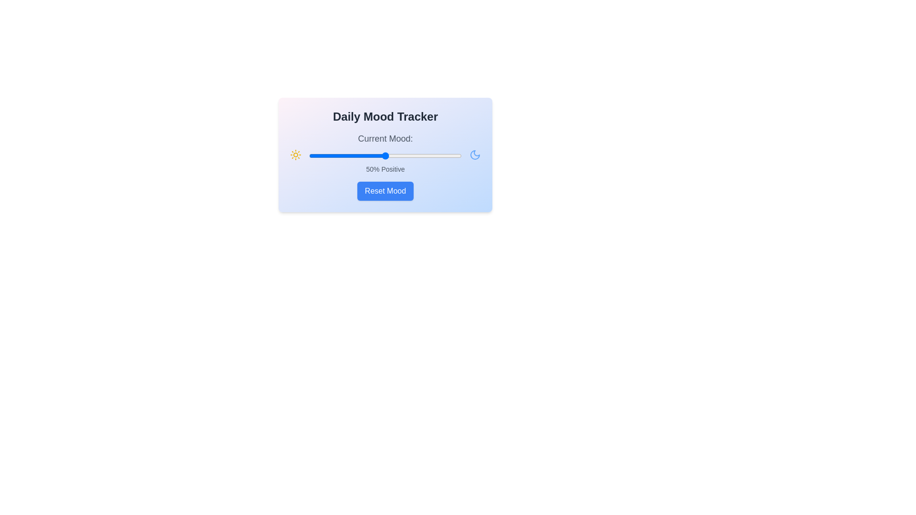 This screenshot has height=515, width=916. Describe the element at coordinates (443, 155) in the screenshot. I see `the mood percentage` at that location.